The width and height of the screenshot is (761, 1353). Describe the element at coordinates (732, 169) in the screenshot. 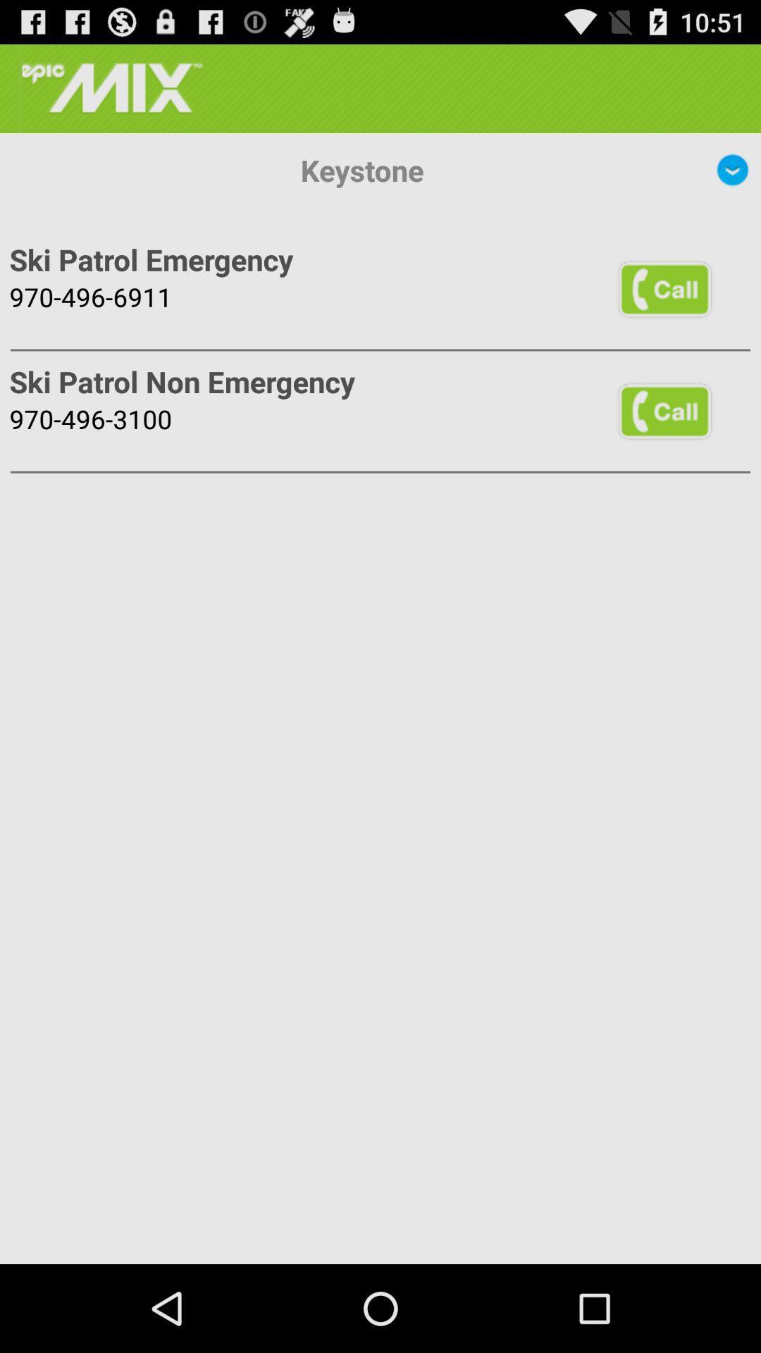

I see `icon next to the keystone app` at that location.